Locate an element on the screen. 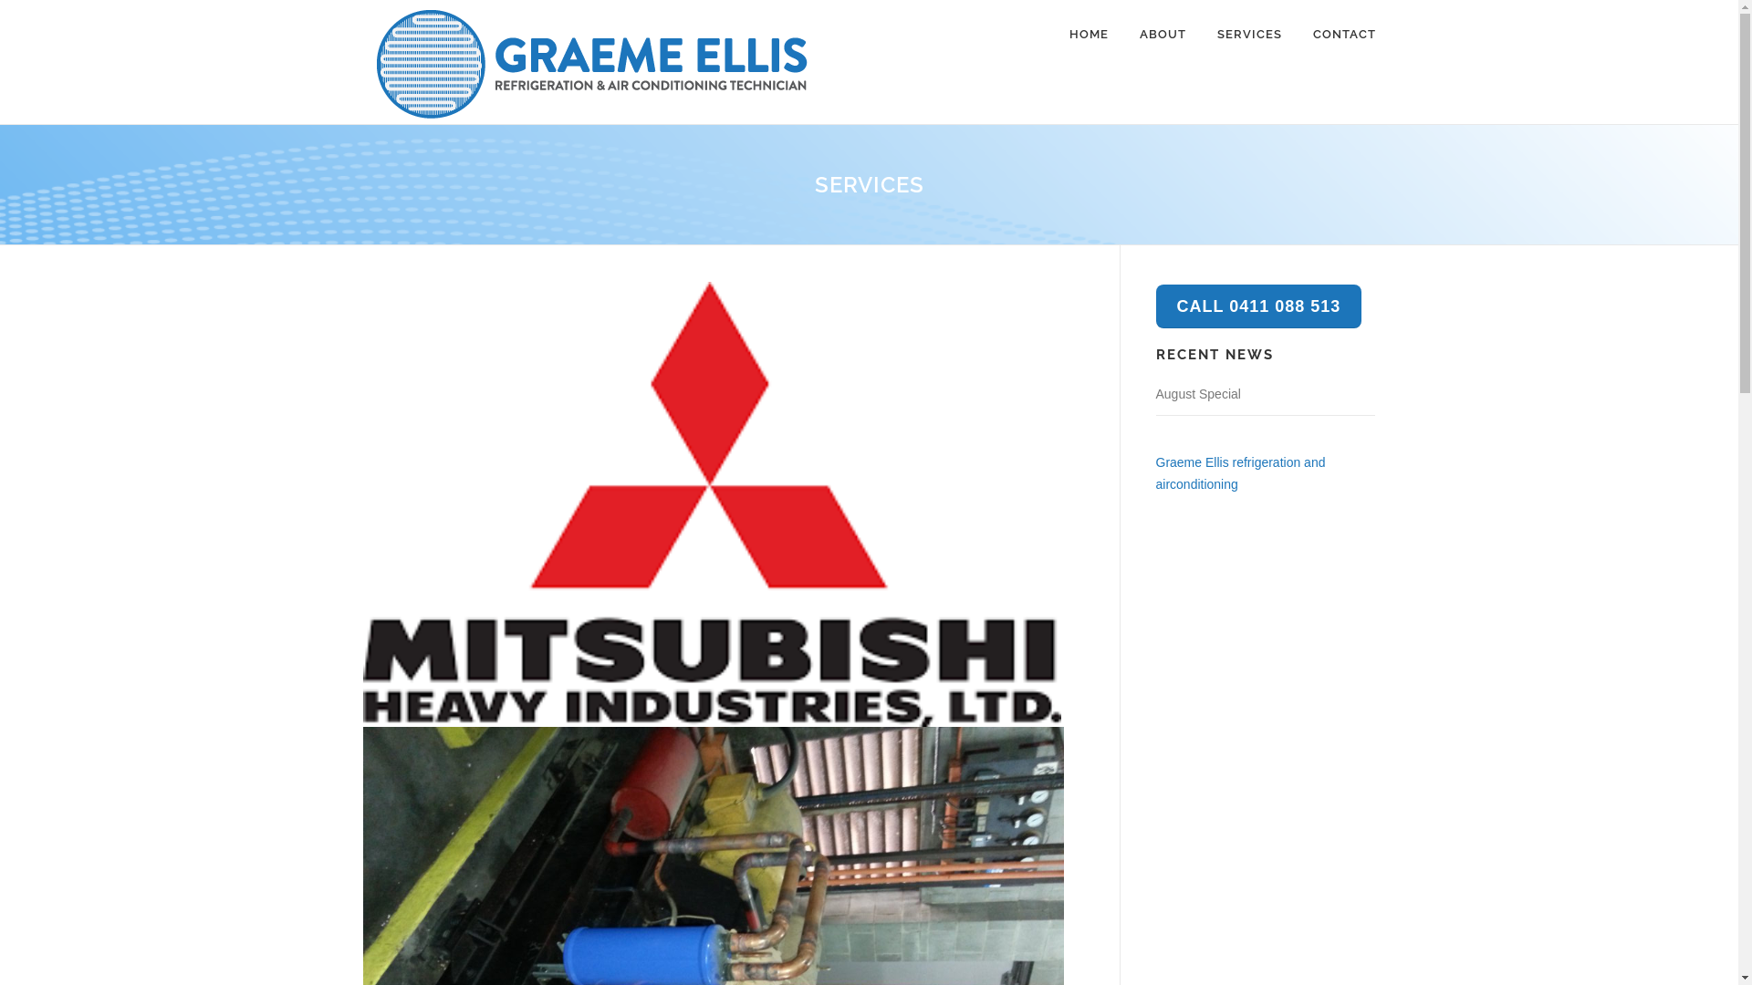  'ABOUT' is located at coordinates (1162, 34).